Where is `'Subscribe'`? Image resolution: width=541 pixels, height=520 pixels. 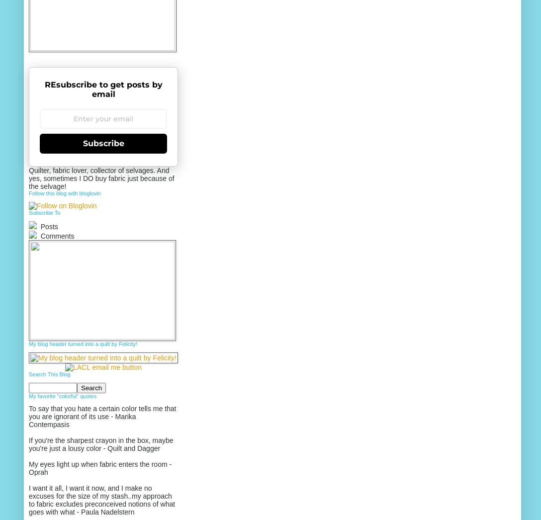 'Subscribe' is located at coordinates (82, 143).